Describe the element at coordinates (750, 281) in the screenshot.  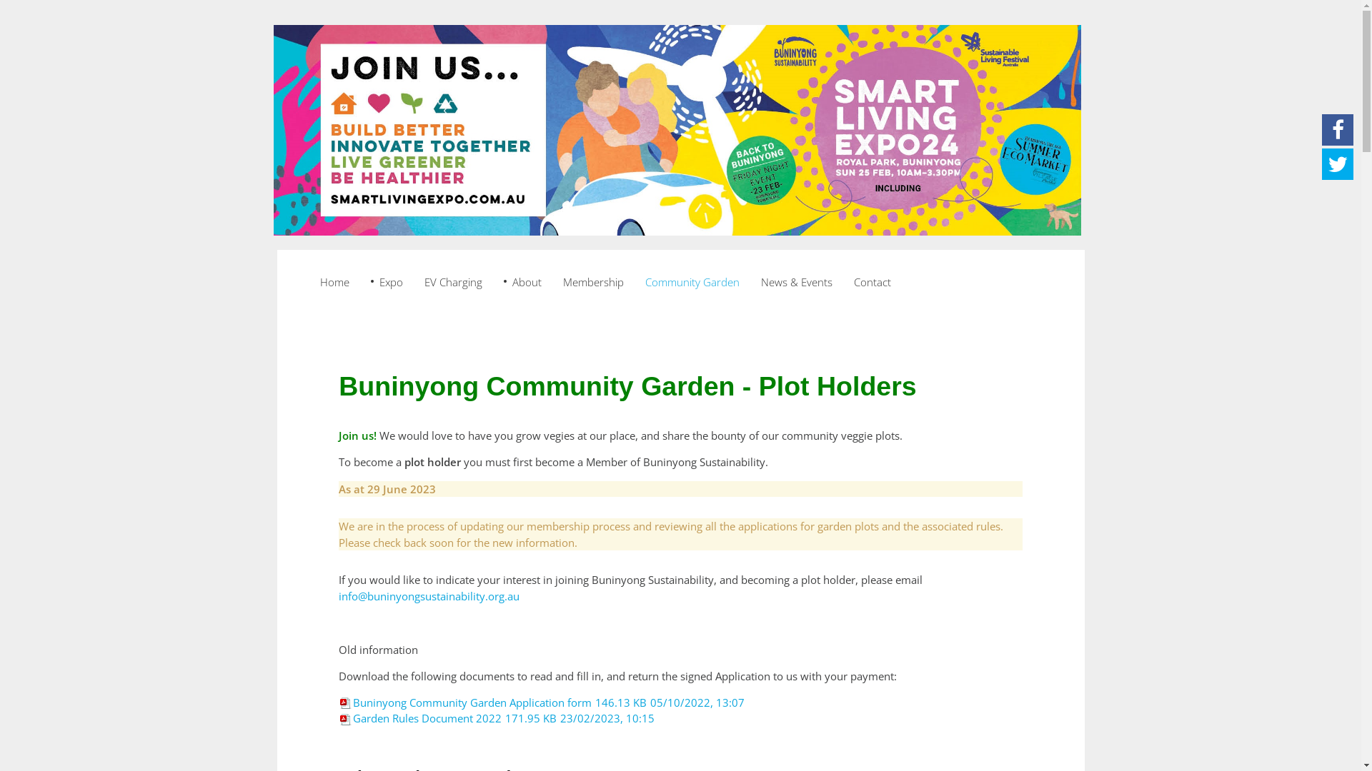
I see `'News & Events'` at that location.